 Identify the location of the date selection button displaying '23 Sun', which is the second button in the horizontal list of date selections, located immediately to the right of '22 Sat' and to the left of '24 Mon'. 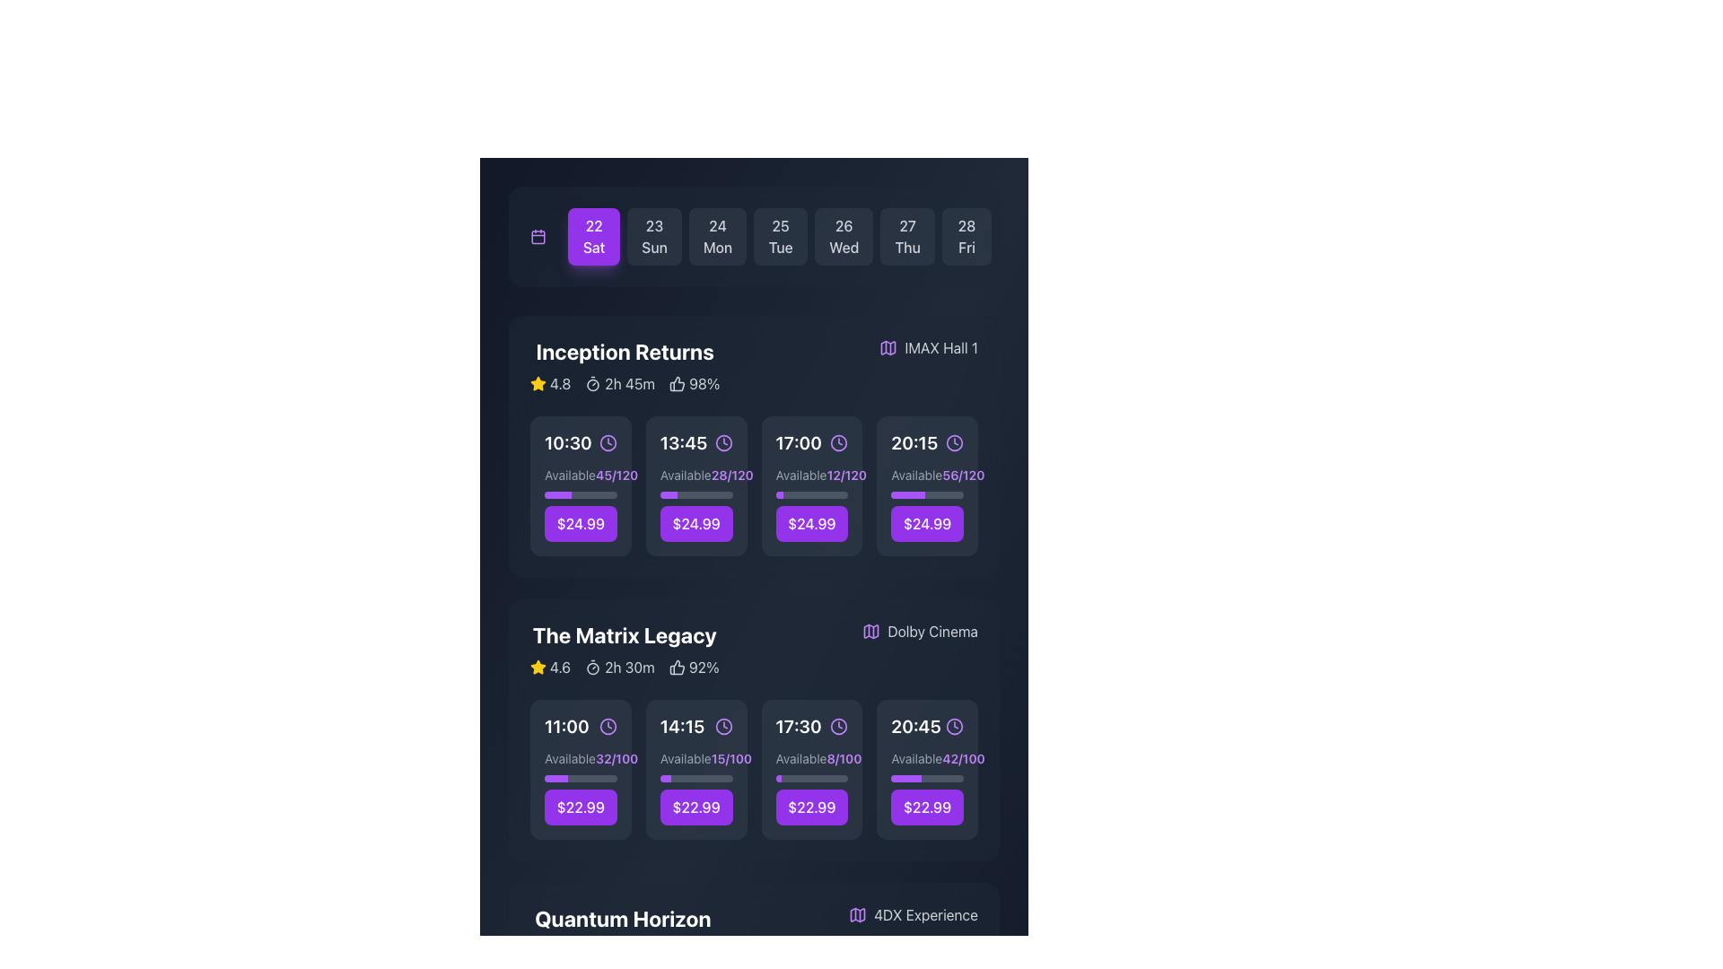
(653, 235).